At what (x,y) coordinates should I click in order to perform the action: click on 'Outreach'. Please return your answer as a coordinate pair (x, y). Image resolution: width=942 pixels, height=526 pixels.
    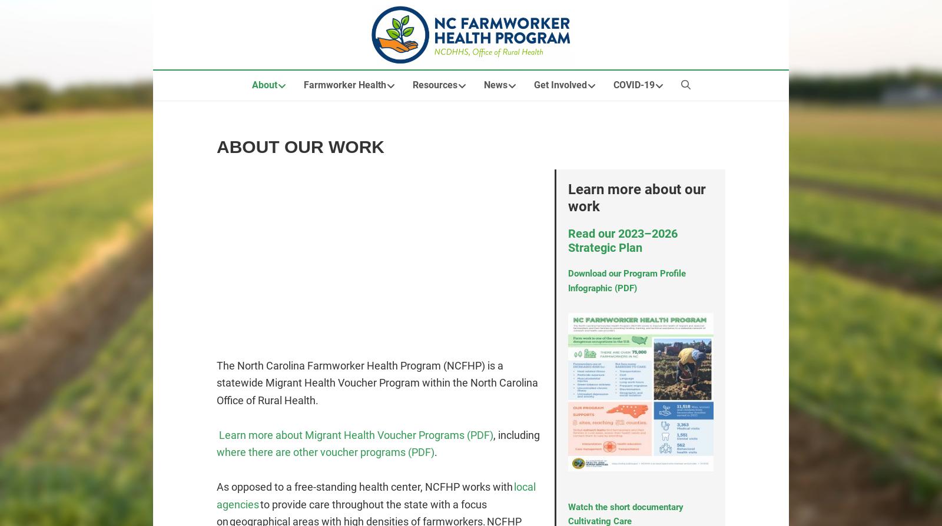
    Looking at the image, I should click on (165, 126).